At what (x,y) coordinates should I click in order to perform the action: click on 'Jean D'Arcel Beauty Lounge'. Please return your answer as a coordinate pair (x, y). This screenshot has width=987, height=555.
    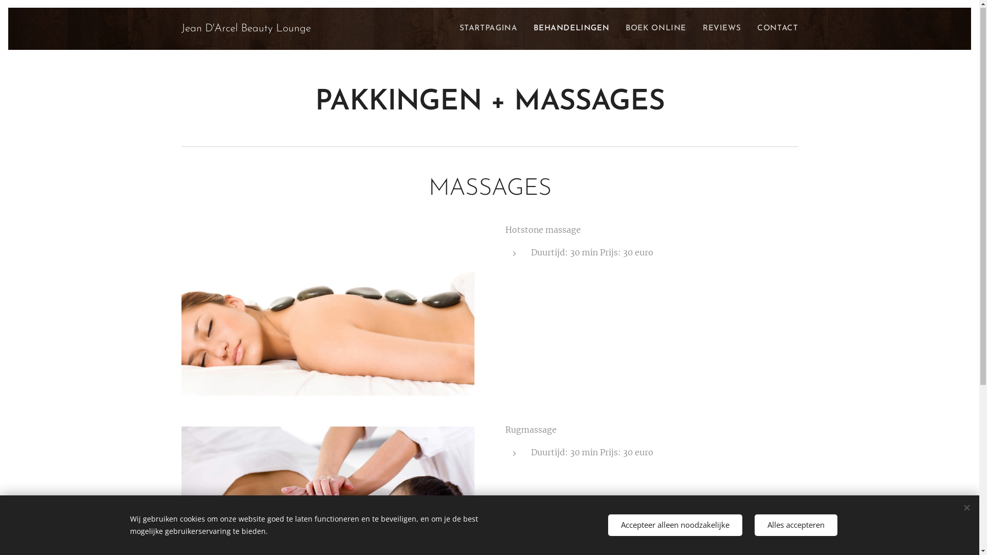
    Looking at the image, I should click on (245, 29).